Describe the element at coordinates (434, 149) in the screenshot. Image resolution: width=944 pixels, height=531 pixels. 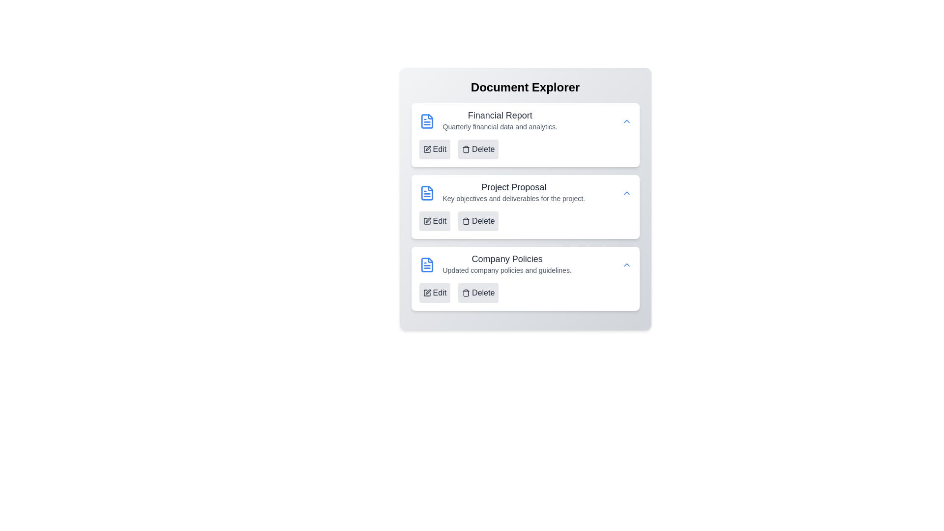
I see `the 'Edit' button for the document titled Financial Report` at that location.